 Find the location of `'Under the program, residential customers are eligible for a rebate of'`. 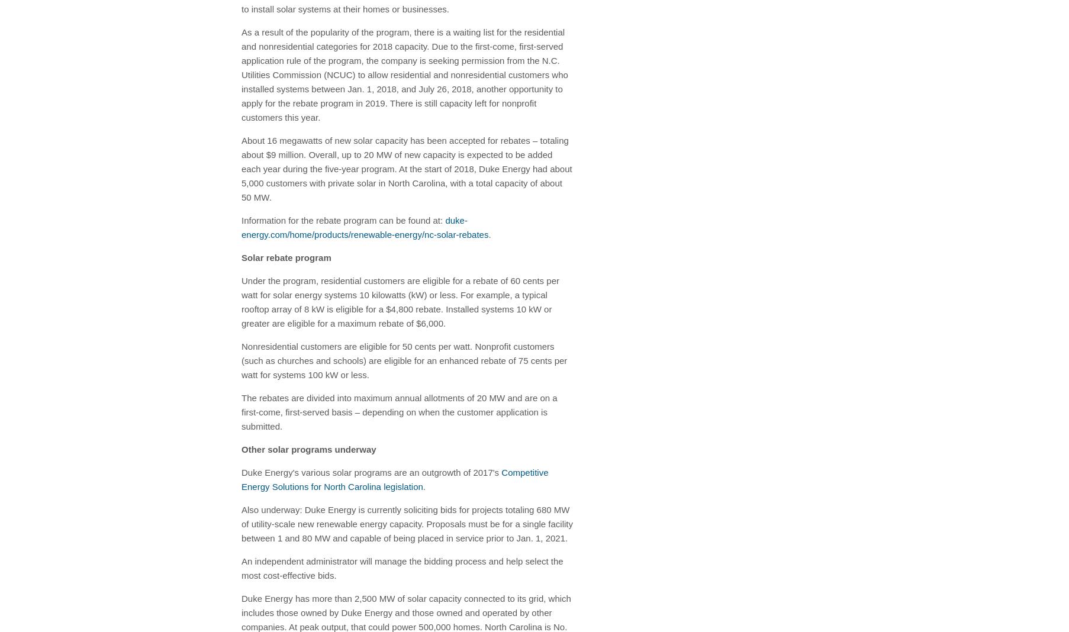

'Under the program, residential customers are eligible for a rebate of' is located at coordinates (375, 280).